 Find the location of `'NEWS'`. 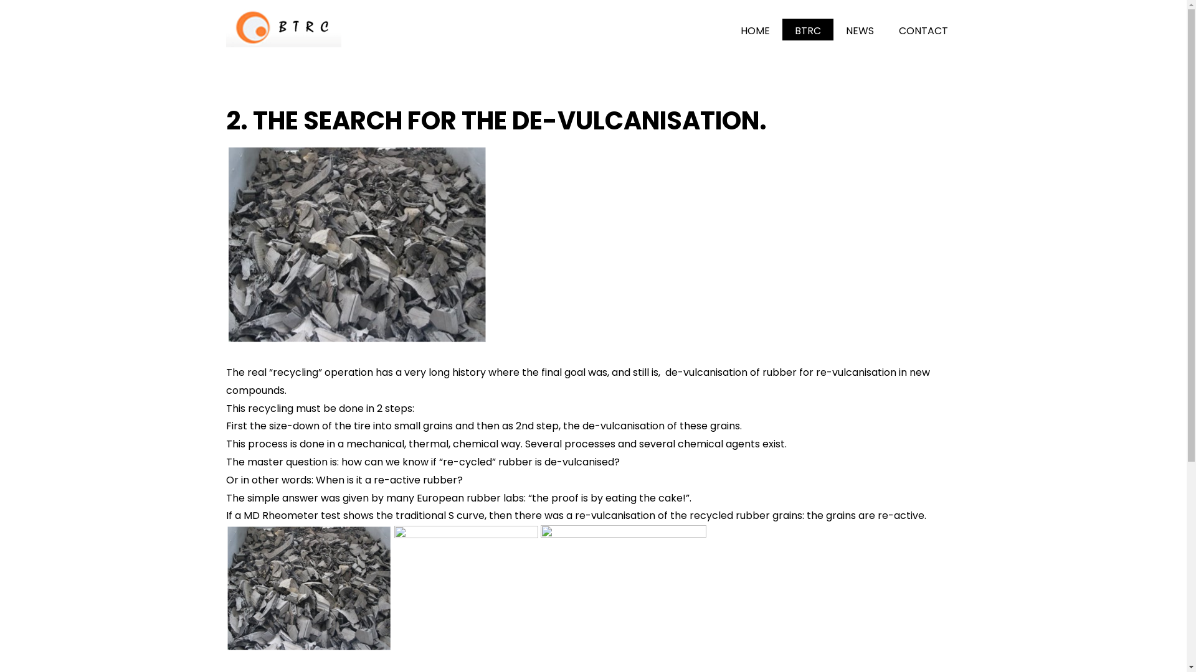

'NEWS' is located at coordinates (859, 29).